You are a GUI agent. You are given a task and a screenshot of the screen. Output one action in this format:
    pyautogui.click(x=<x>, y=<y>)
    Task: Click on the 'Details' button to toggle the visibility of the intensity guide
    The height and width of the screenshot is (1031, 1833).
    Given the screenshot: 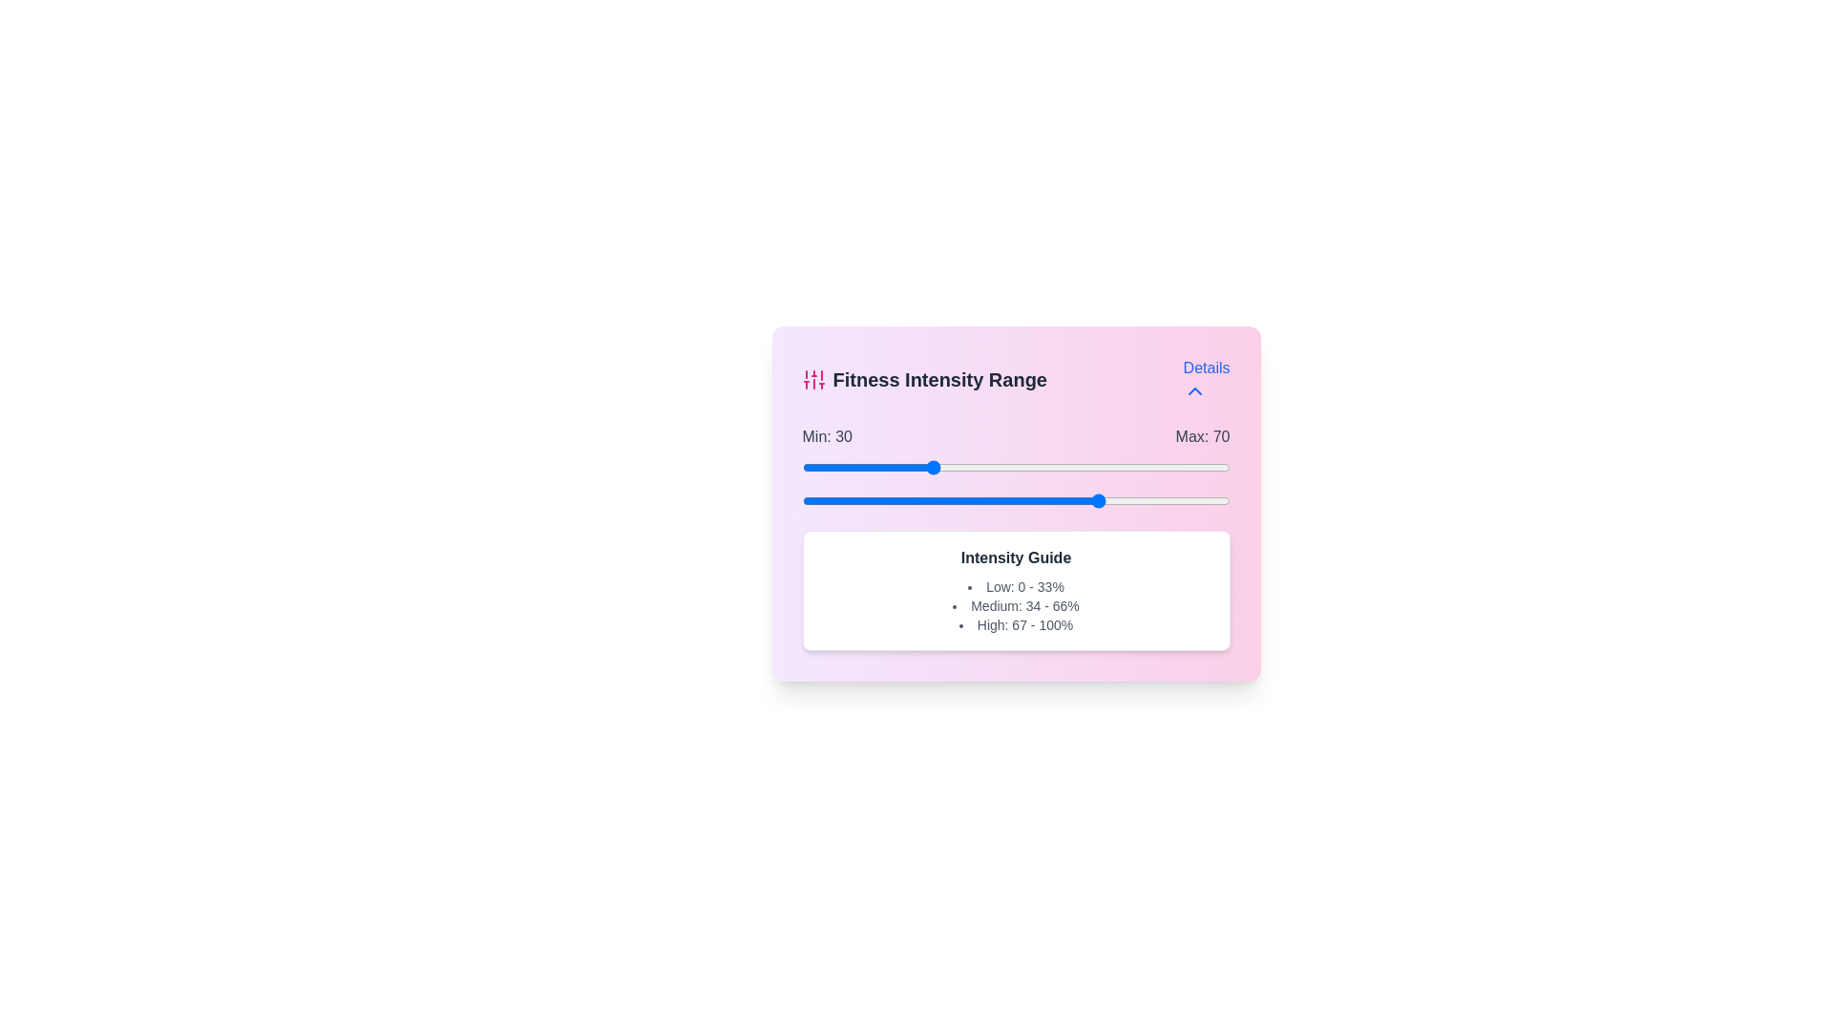 What is the action you would take?
    pyautogui.click(x=1205, y=379)
    